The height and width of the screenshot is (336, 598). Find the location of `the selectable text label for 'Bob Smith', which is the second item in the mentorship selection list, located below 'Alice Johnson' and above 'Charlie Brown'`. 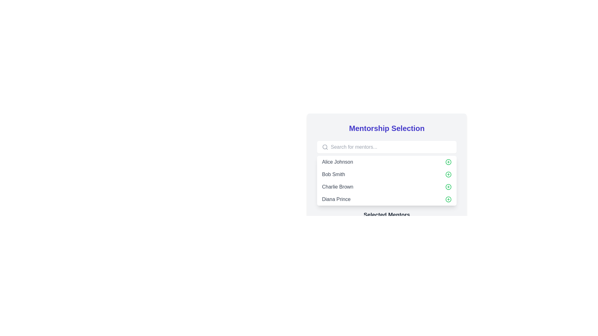

the selectable text label for 'Bob Smith', which is the second item in the mentorship selection list, located below 'Alice Johnson' and above 'Charlie Brown' is located at coordinates (333, 174).